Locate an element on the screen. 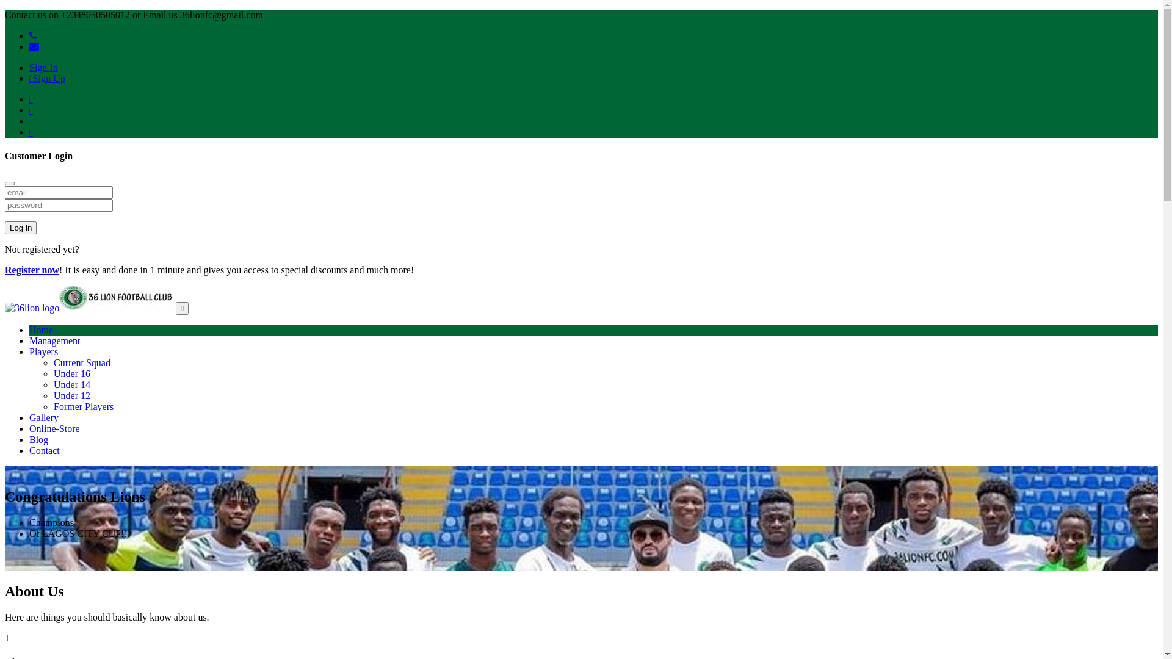  'Gallery' is located at coordinates (44, 417).